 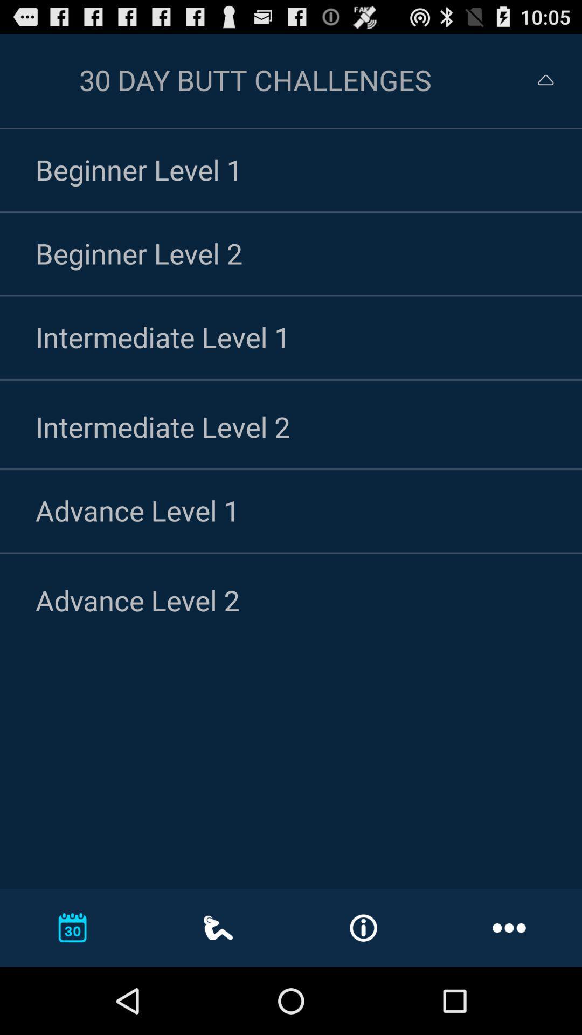 What do you see at coordinates (73, 927) in the screenshot?
I see `the first icon at the left bottom corner` at bounding box center [73, 927].